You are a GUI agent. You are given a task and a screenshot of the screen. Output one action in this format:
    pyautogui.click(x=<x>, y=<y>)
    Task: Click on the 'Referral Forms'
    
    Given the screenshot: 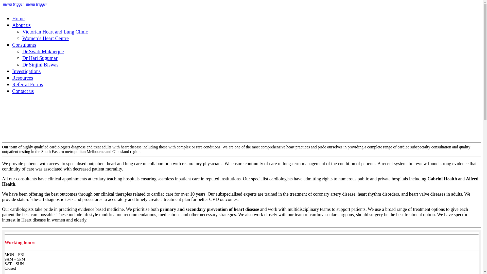 What is the action you would take?
    pyautogui.click(x=27, y=84)
    